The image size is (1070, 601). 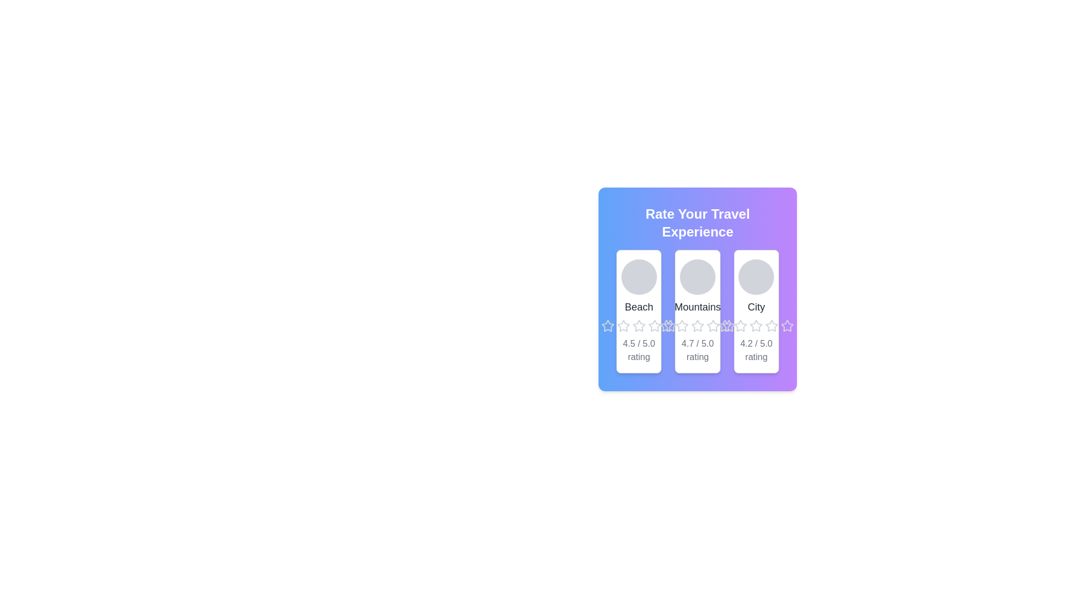 I want to click on the third white star-shaped icon, so click(x=741, y=326).